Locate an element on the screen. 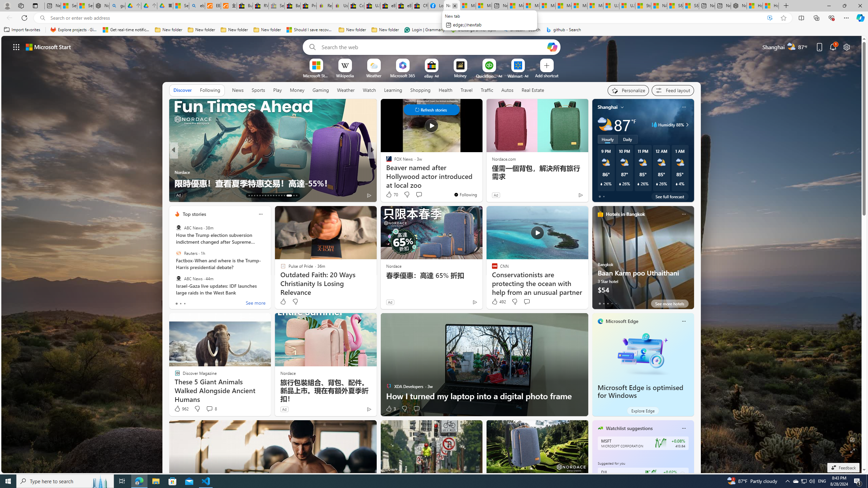 Image resolution: width=868 pixels, height=488 pixels. 'AutomationID: tab-15' is located at coordinates (254, 196).